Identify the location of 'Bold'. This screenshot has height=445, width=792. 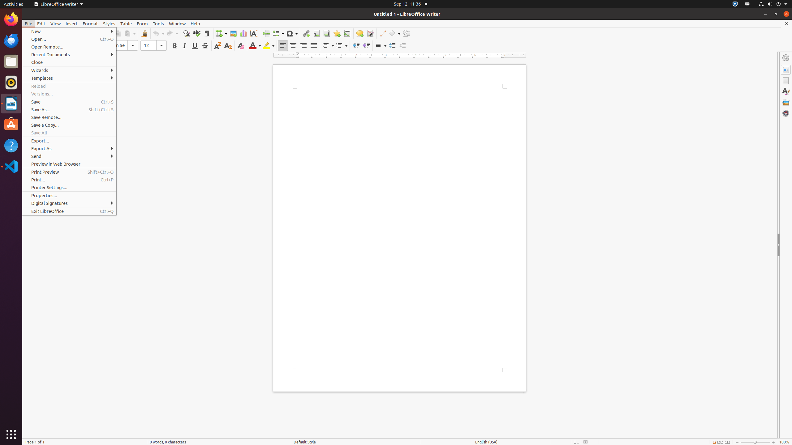
(174, 45).